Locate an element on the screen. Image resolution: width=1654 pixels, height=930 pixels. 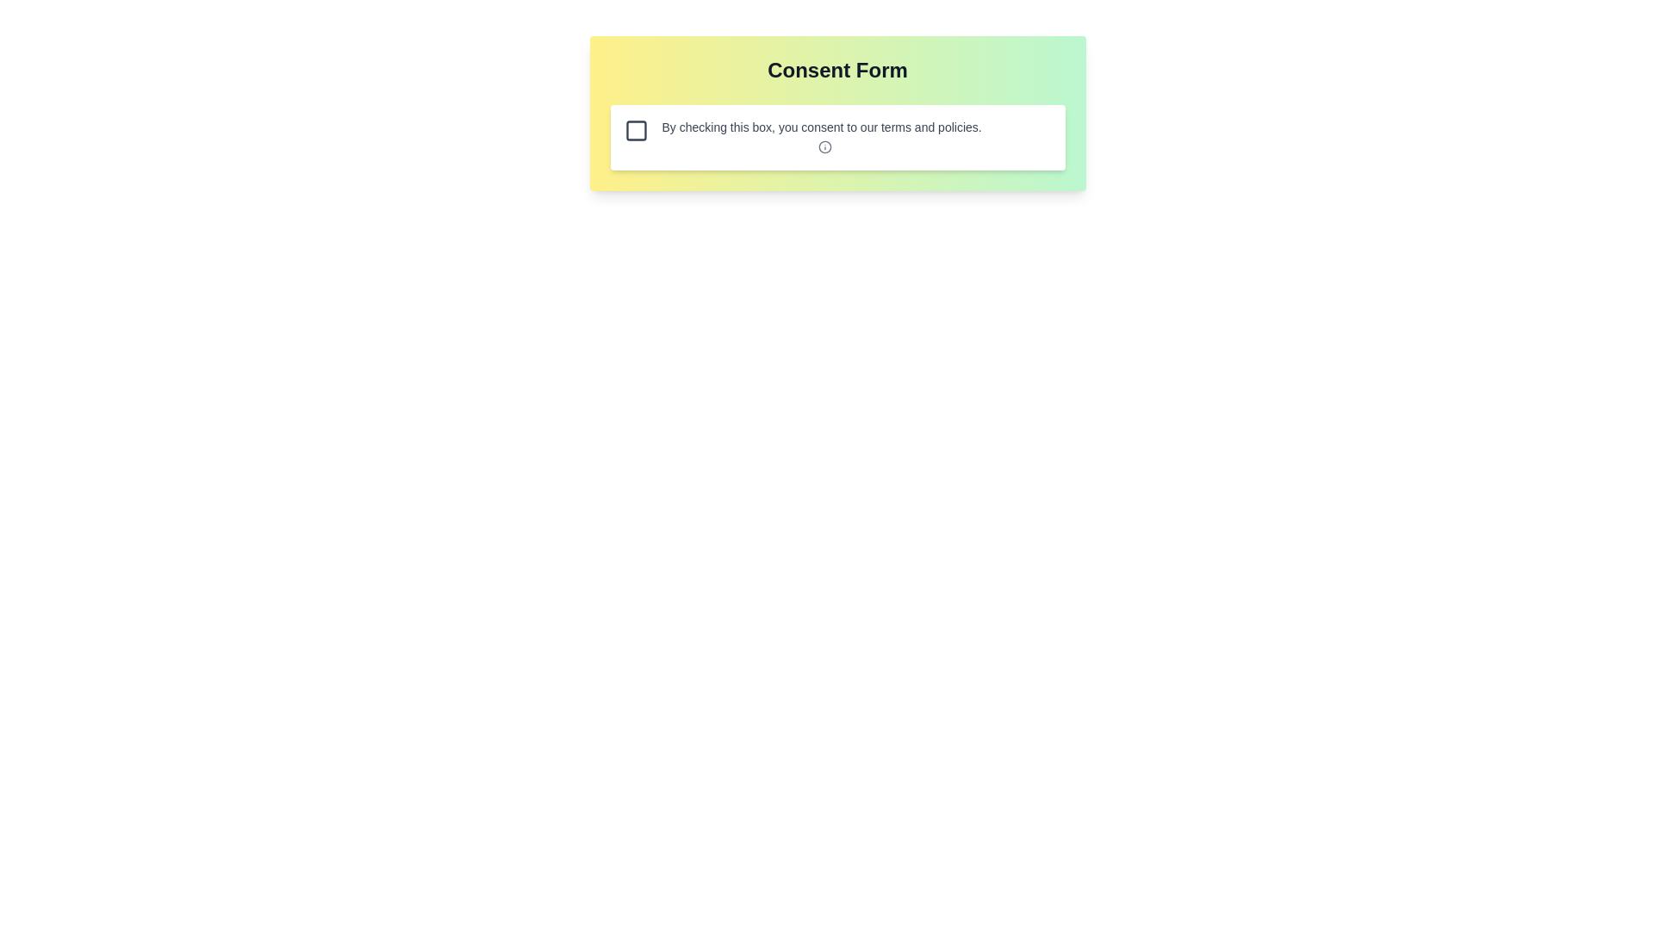
the information icon located to the right of the text 'By checking this box, you consent to our terms and policies.' is located at coordinates (824, 146).